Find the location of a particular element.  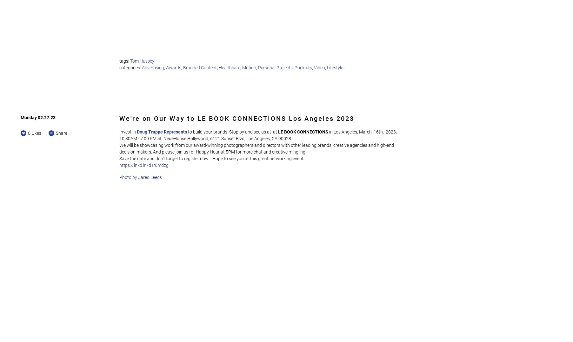

'Advertising' is located at coordinates (152, 67).